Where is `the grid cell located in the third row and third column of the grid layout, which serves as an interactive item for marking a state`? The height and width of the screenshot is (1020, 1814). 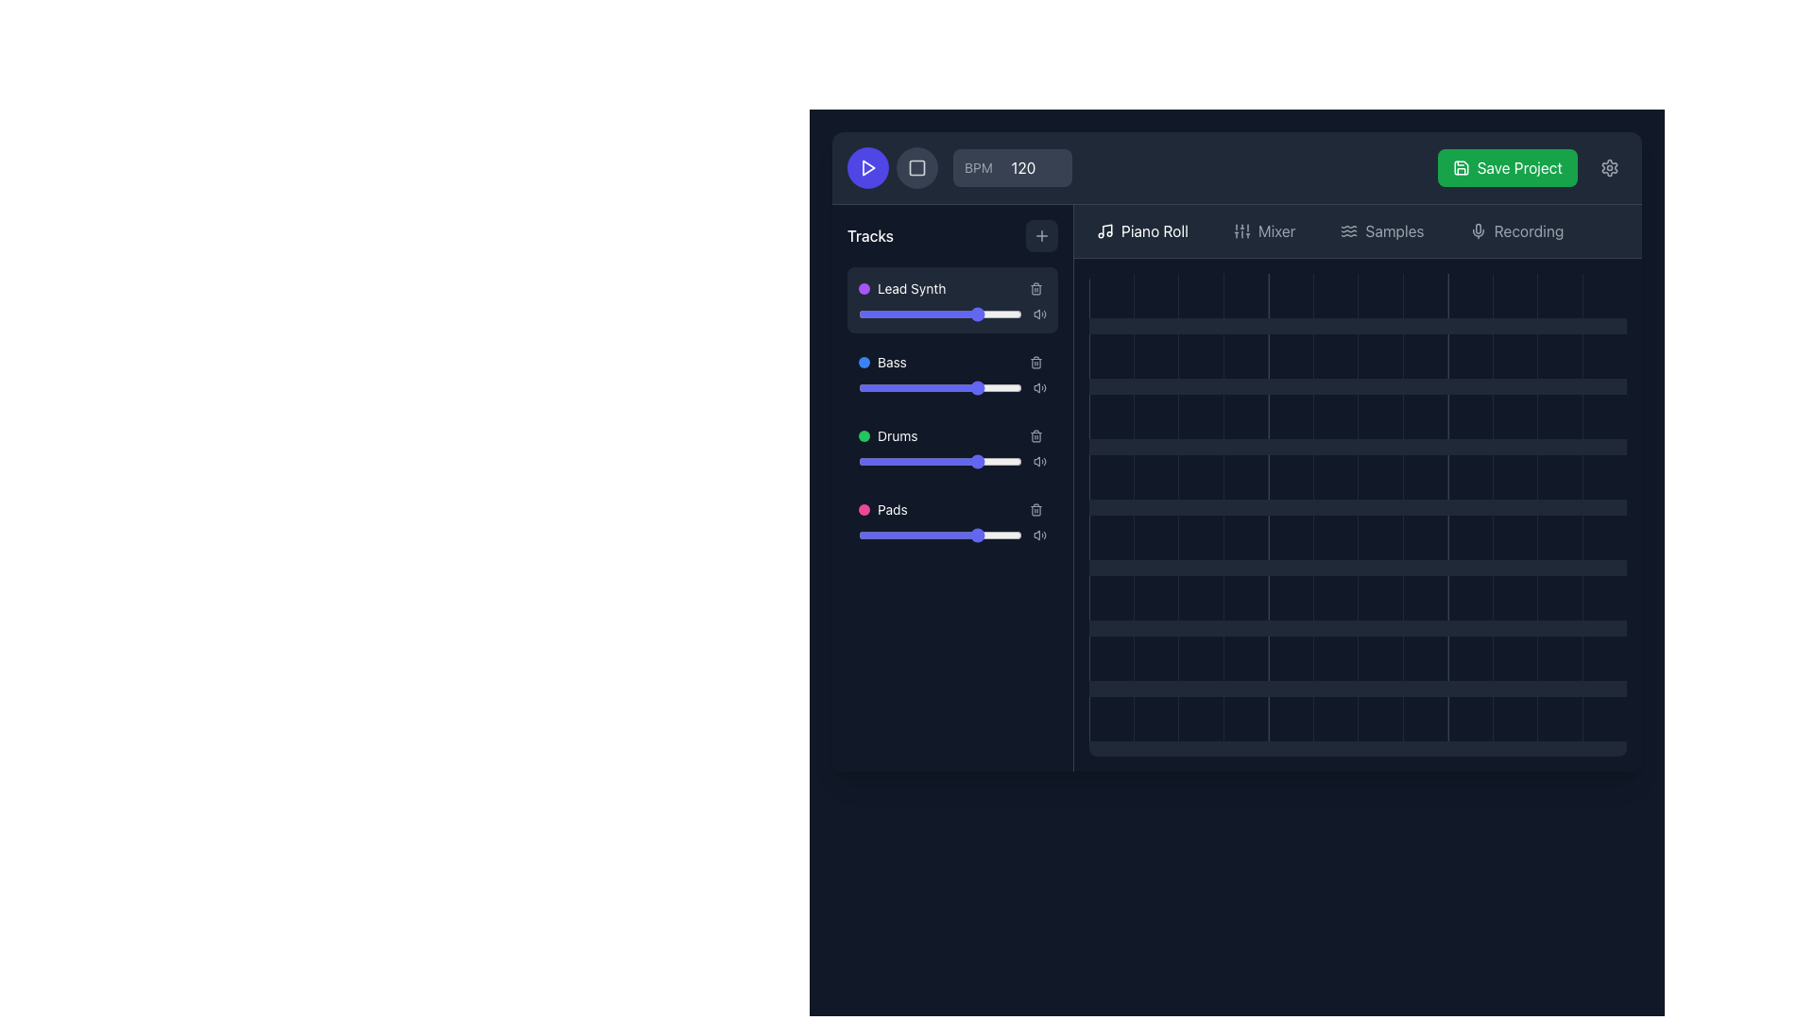
the grid cell located in the third row and third column of the grid layout, which serves as an interactive item for marking a state is located at coordinates (1200, 476).